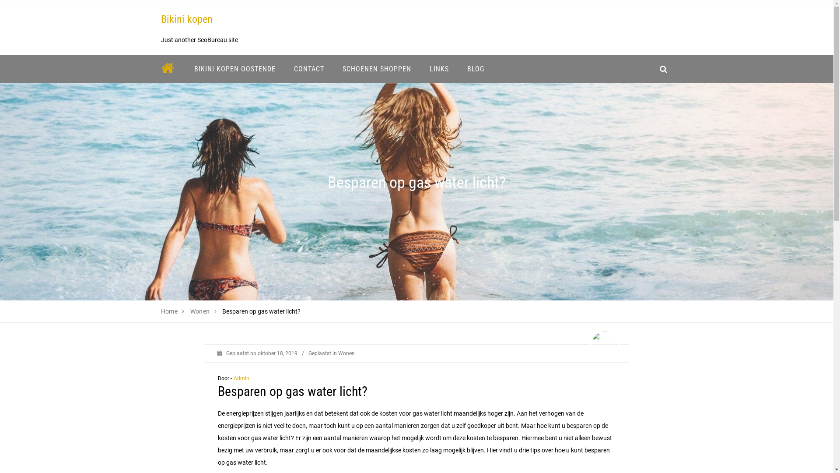  What do you see at coordinates (439, 68) in the screenshot?
I see `'LINKS'` at bounding box center [439, 68].